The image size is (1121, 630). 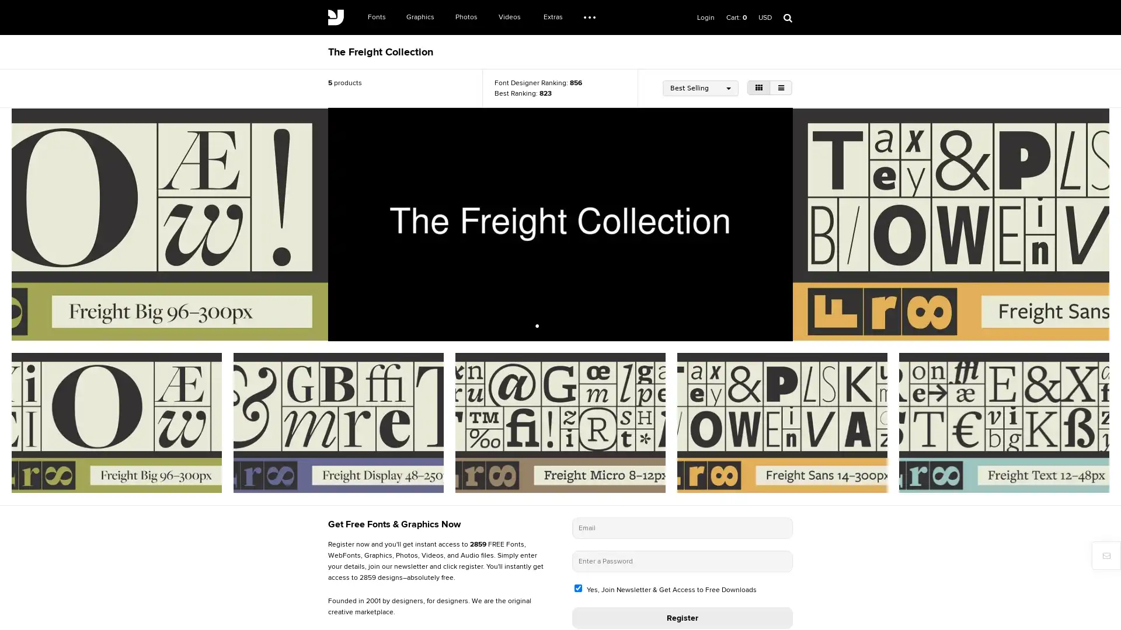 I want to click on Register, so click(x=683, y=617).